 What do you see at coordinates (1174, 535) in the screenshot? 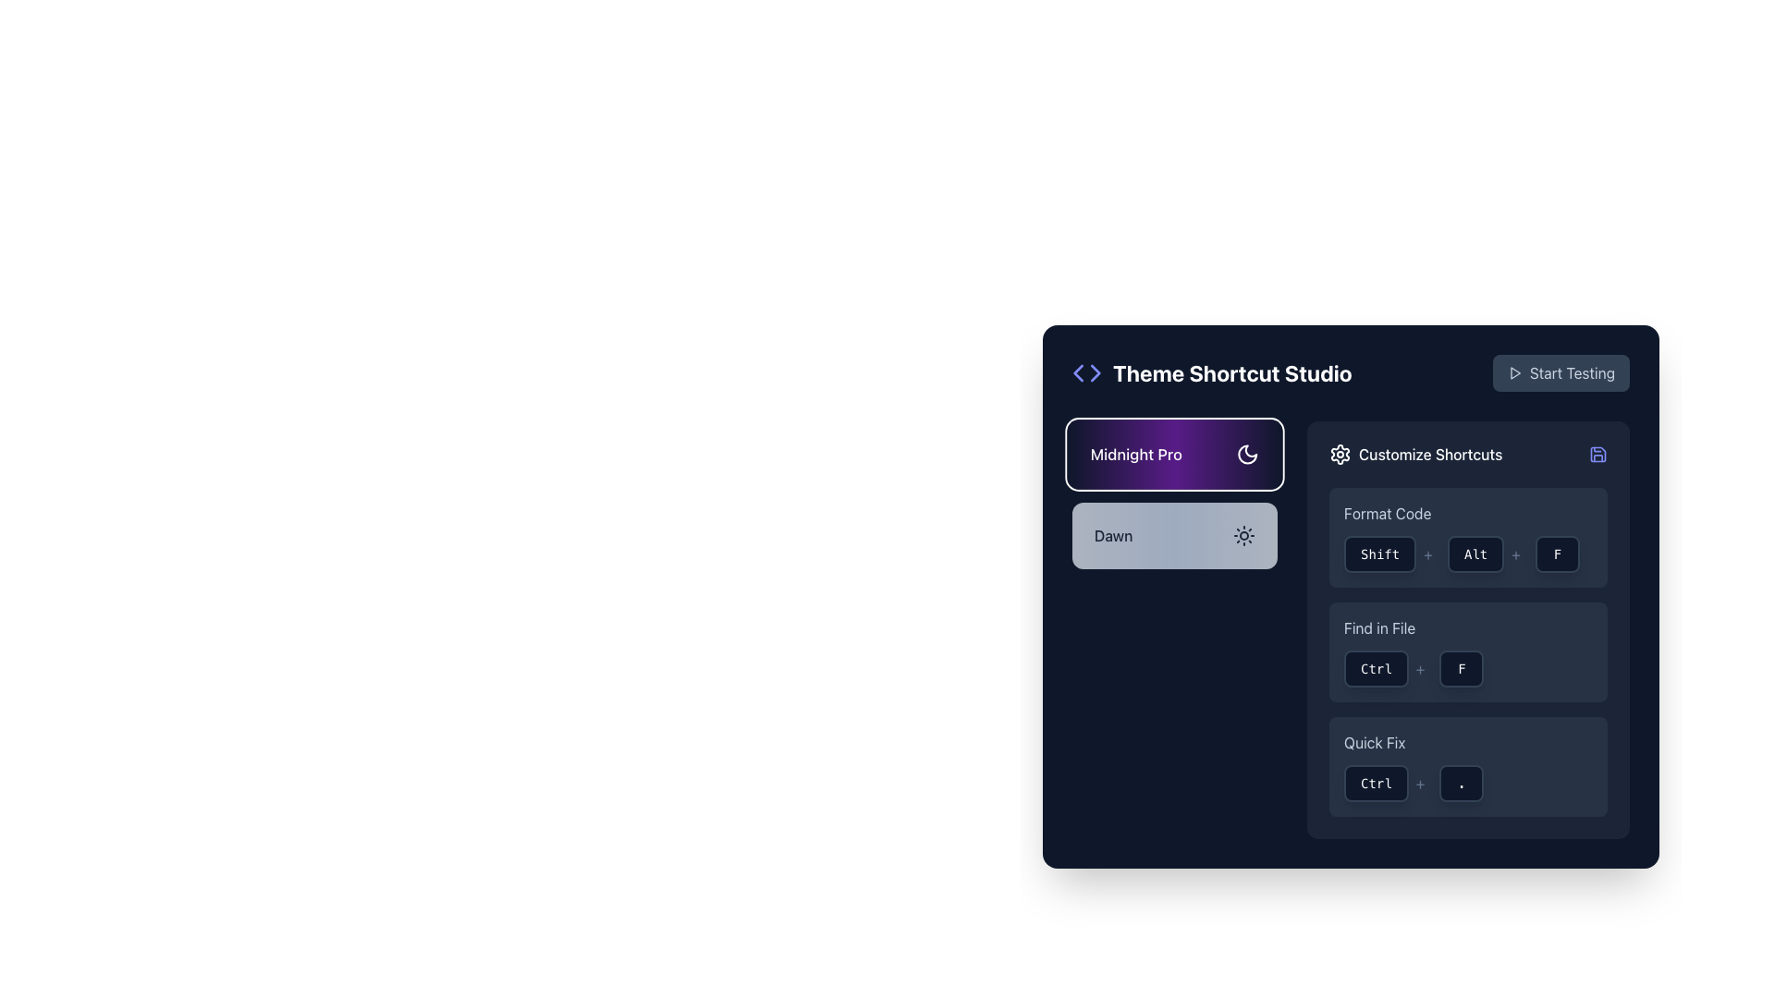
I see `the rectangular button with rounded corners and a gradient background labeled 'Dawn'` at bounding box center [1174, 535].